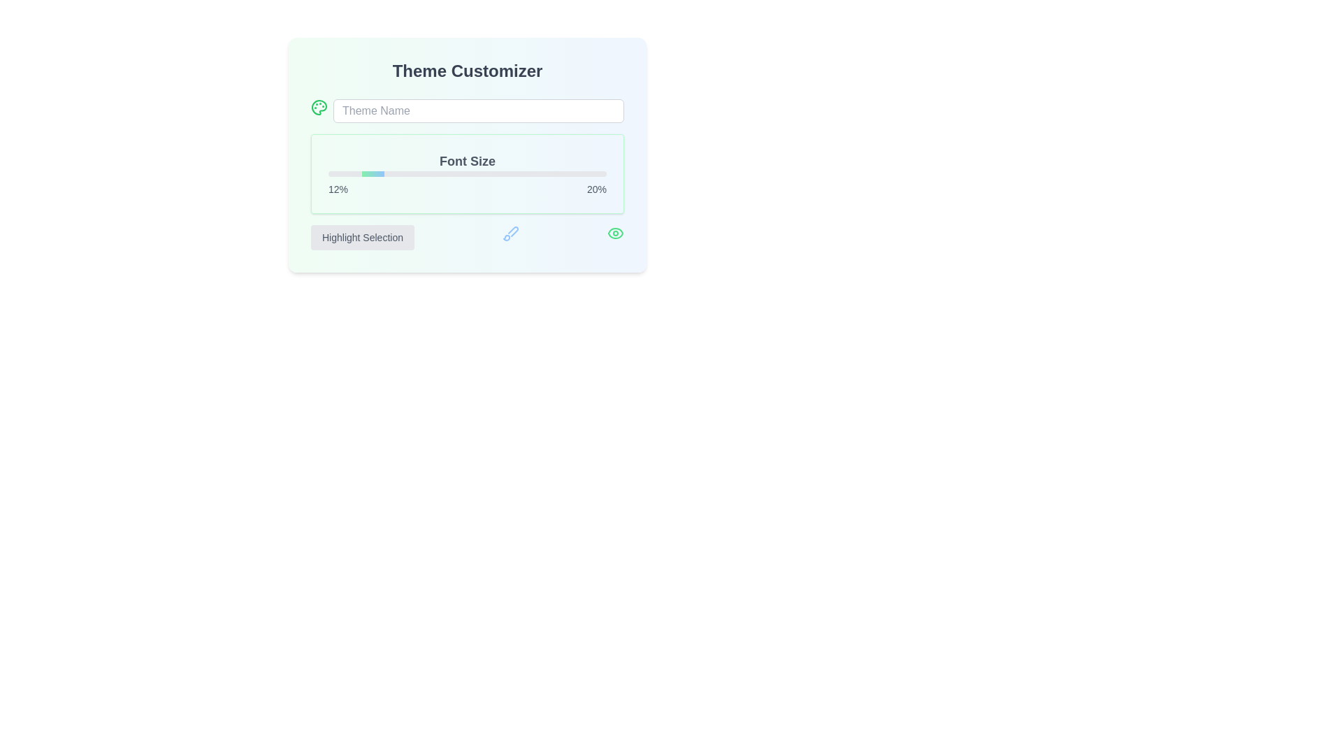 The height and width of the screenshot is (755, 1342). What do you see at coordinates (328, 173) in the screenshot?
I see `the slider` at bounding box center [328, 173].